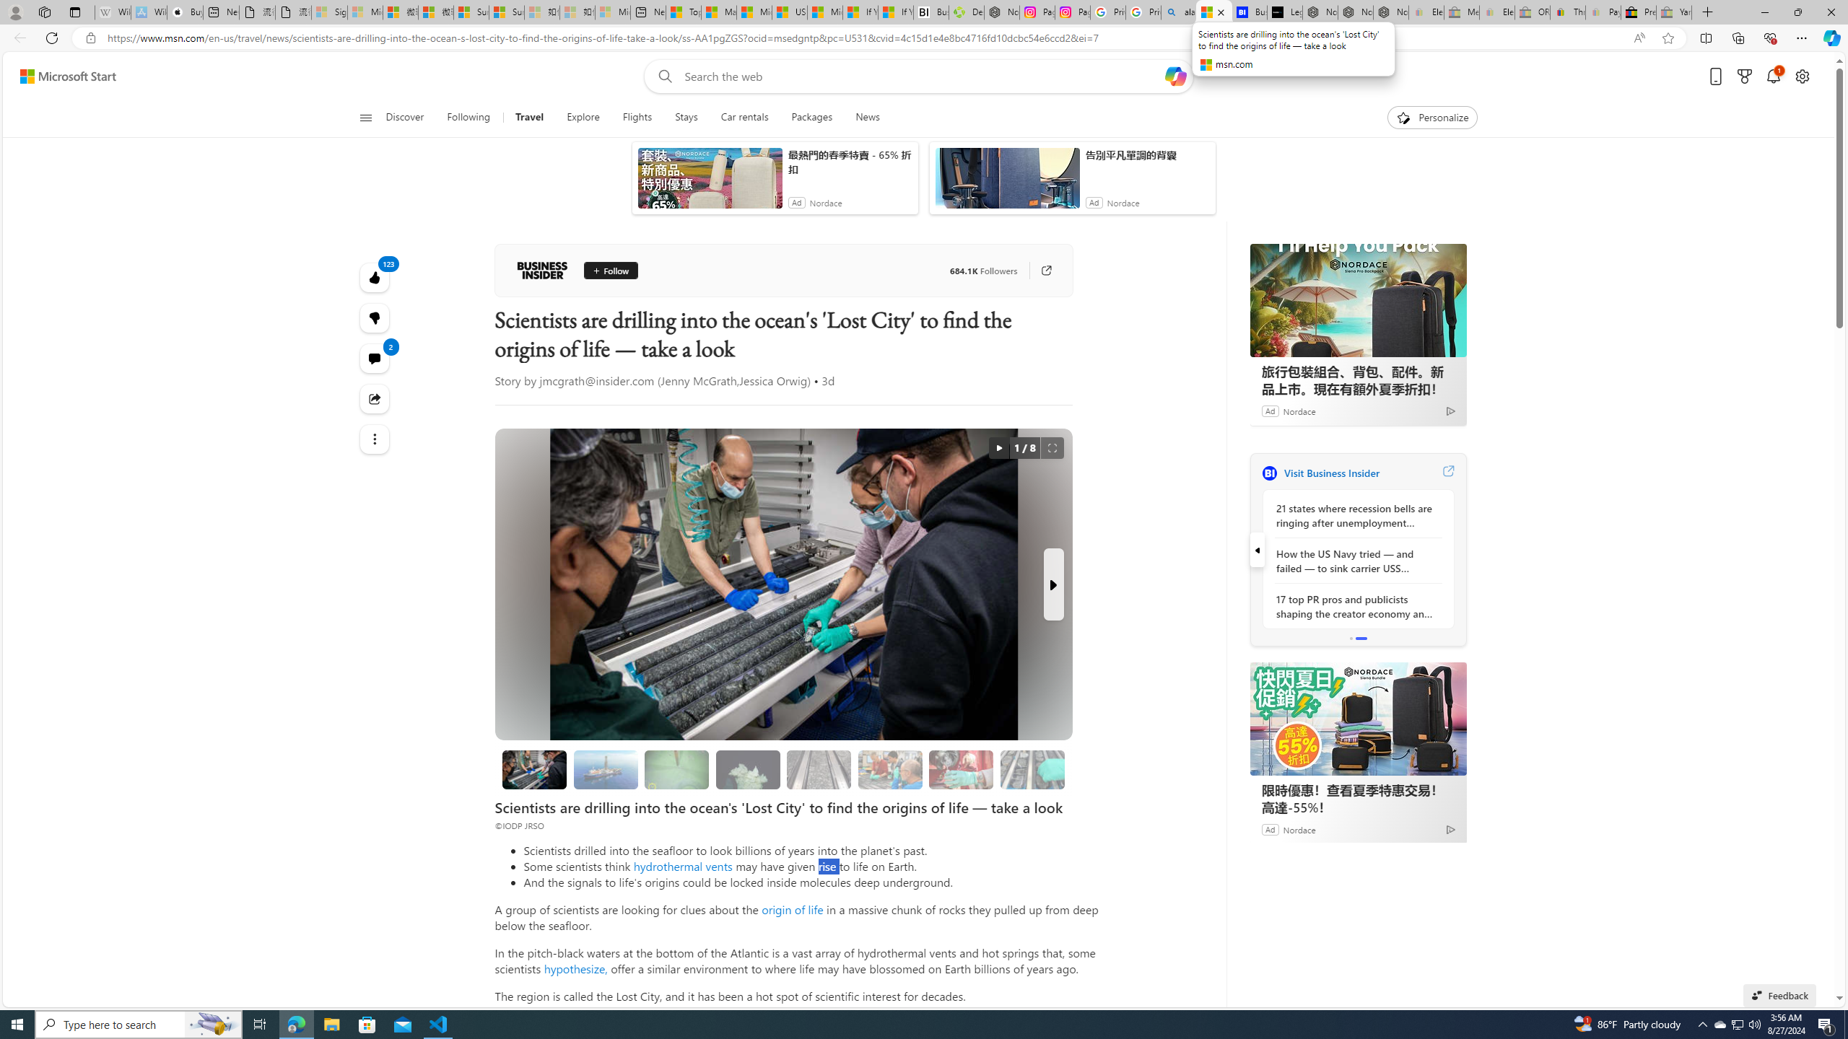 Image resolution: width=1848 pixels, height=1039 pixels. I want to click on 'Follow', so click(610, 271).